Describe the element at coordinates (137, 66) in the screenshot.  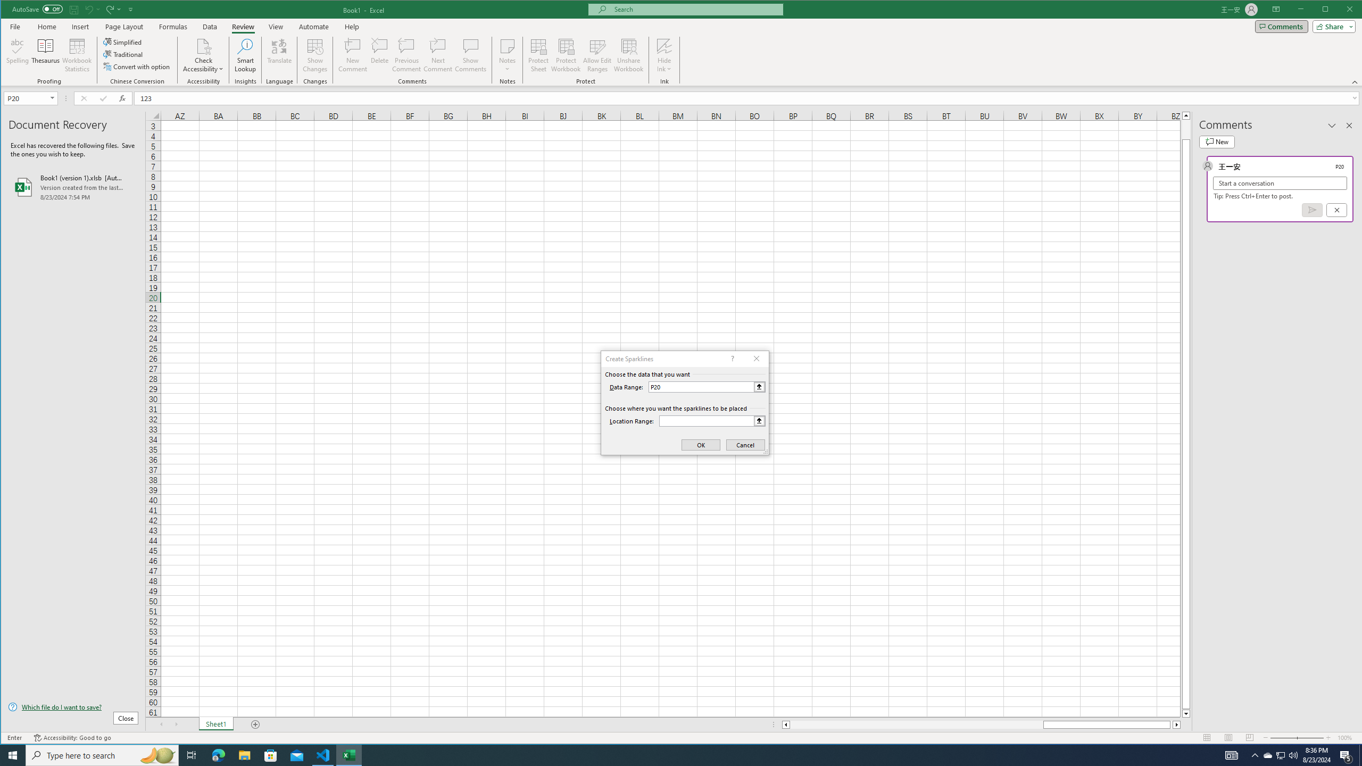
I see `'Convert with option'` at that location.